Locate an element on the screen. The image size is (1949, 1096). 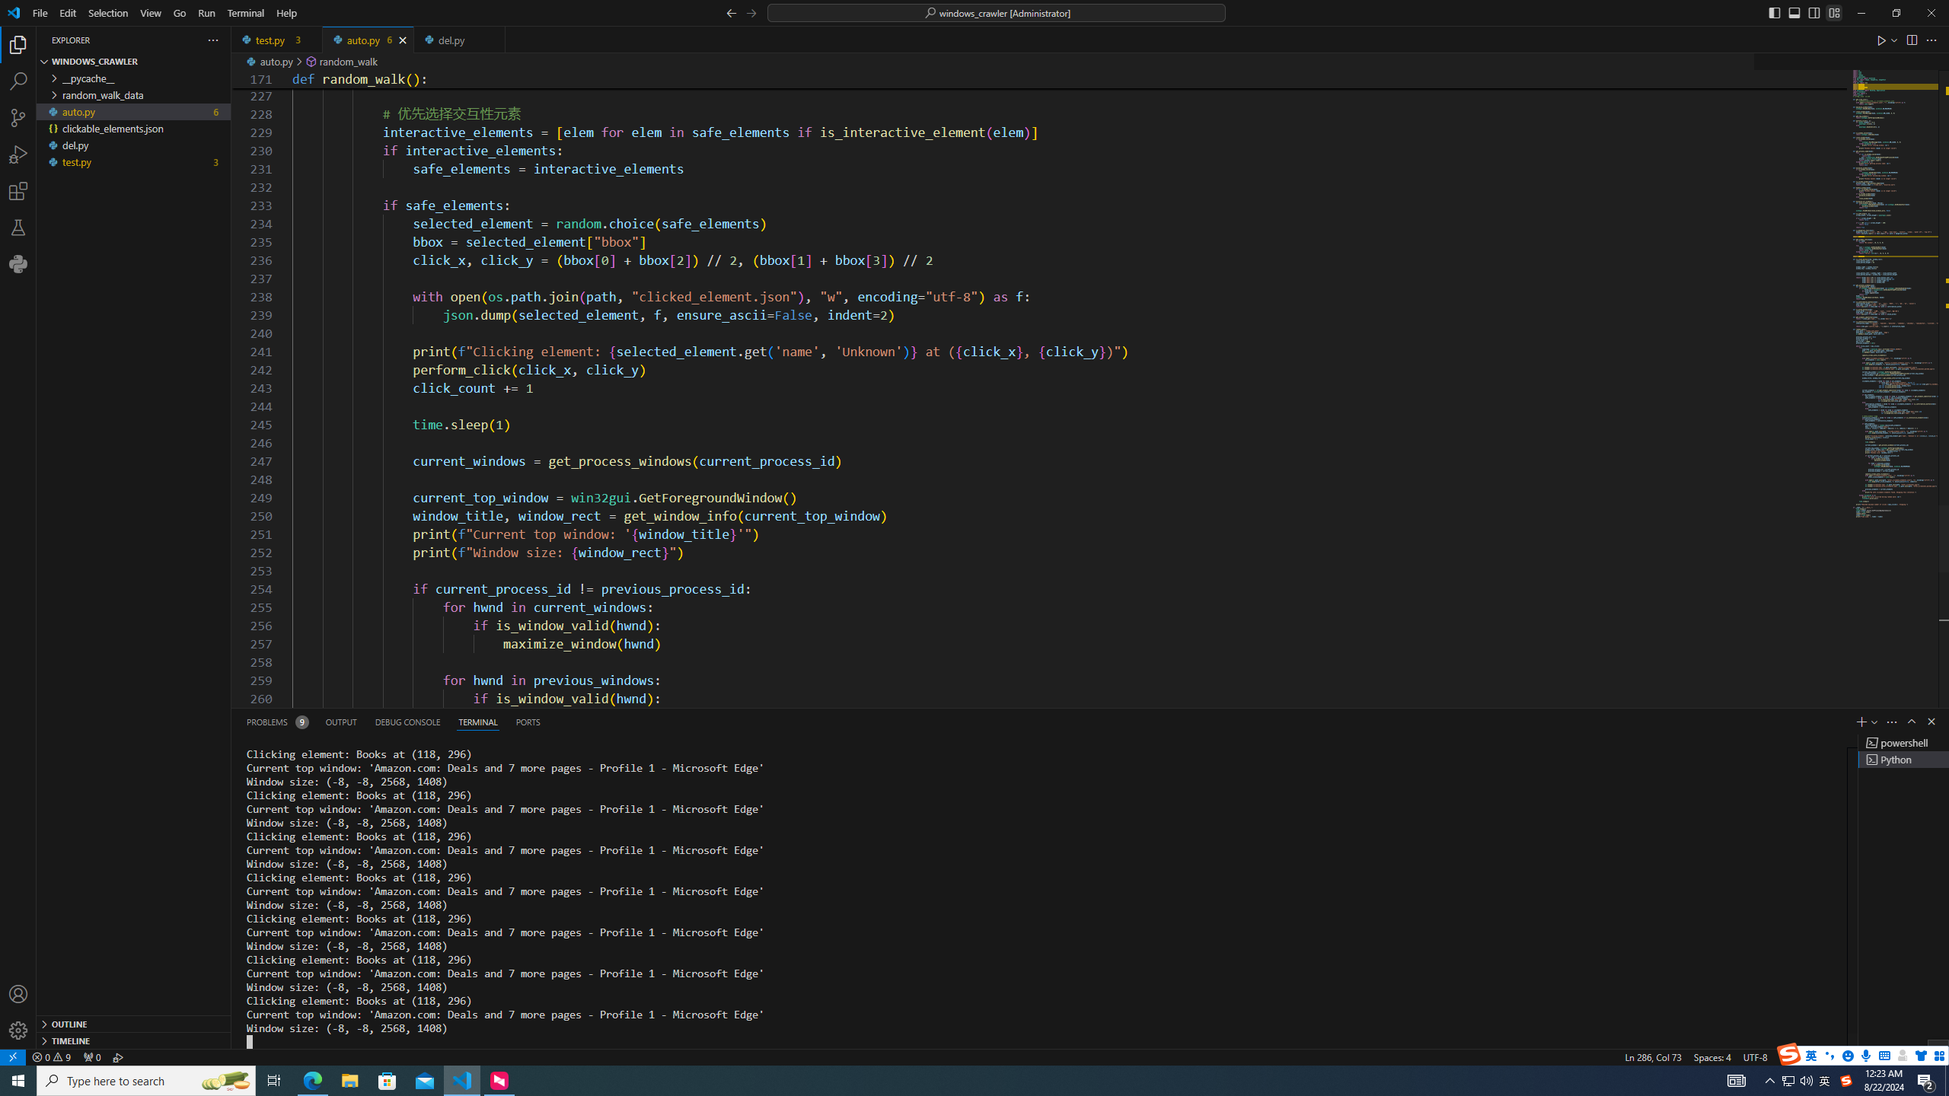
'Outline Section' is located at coordinates (133, 1023).